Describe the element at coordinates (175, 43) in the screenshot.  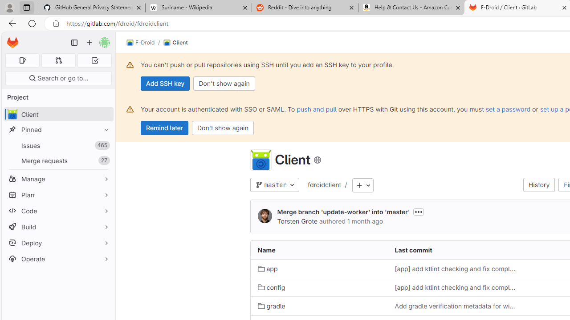
I see `'Client'` at that location.